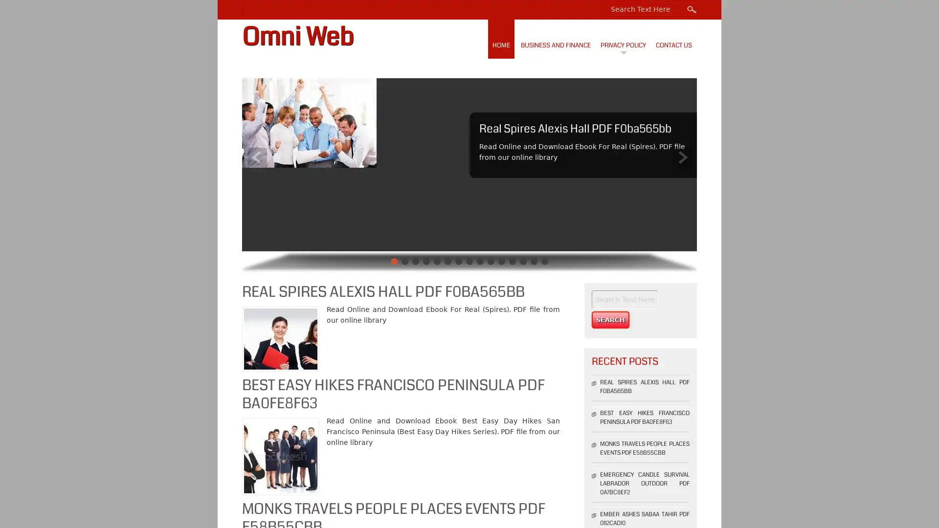 The width and height of the screenshot is (939, 528). I want to click on Search, so click(610, 320).